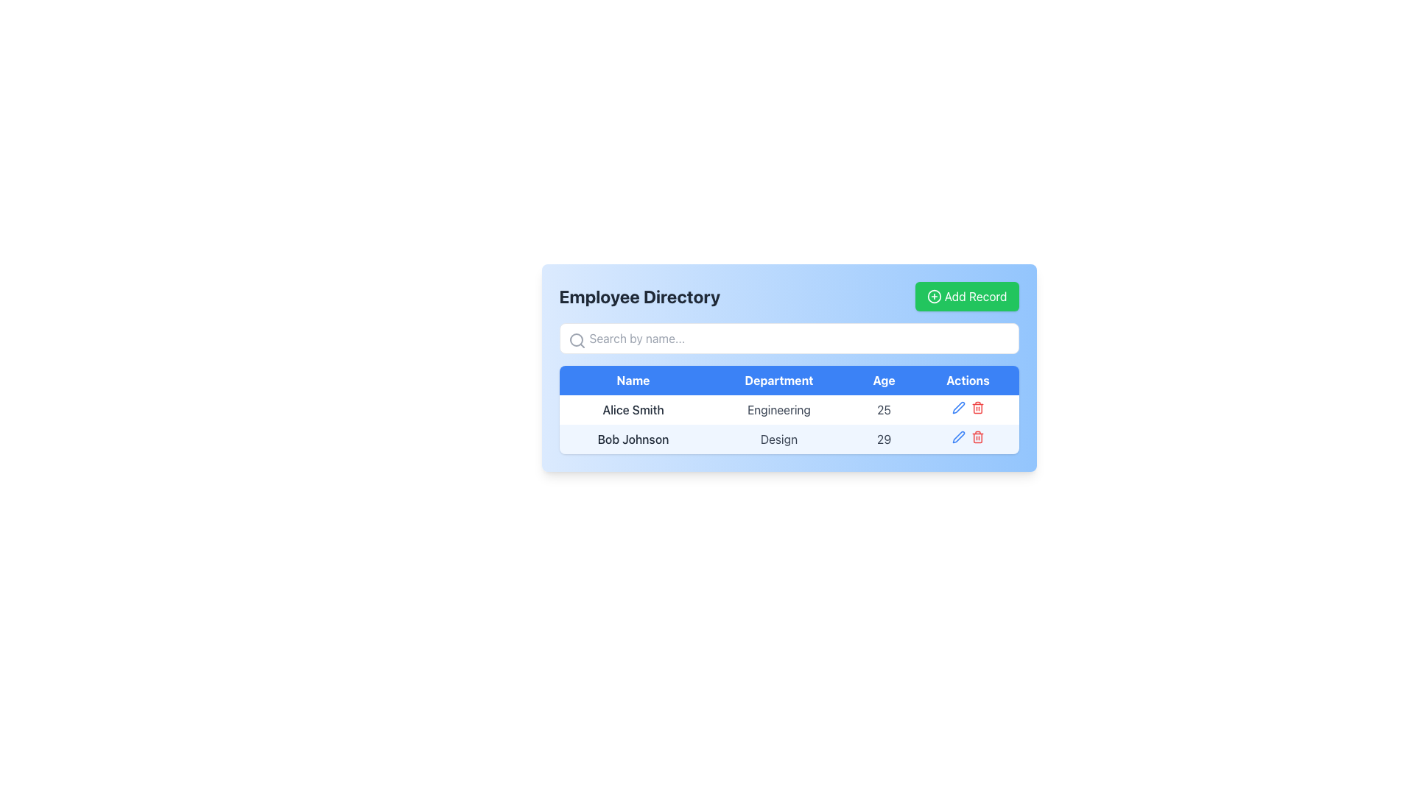  I want to click on the blue pen-shaped icon in the 'Actions' column of the second table row associated with 'Bob Johnson', so click(958, 408).